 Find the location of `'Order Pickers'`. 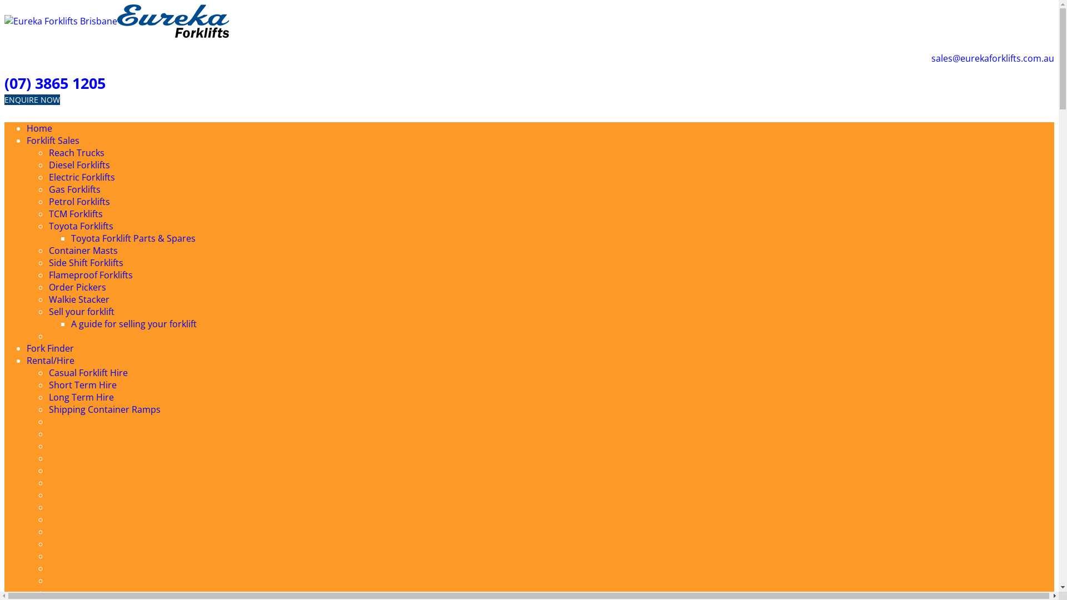

'Order Pickers' is located at coordinates (77, 286).